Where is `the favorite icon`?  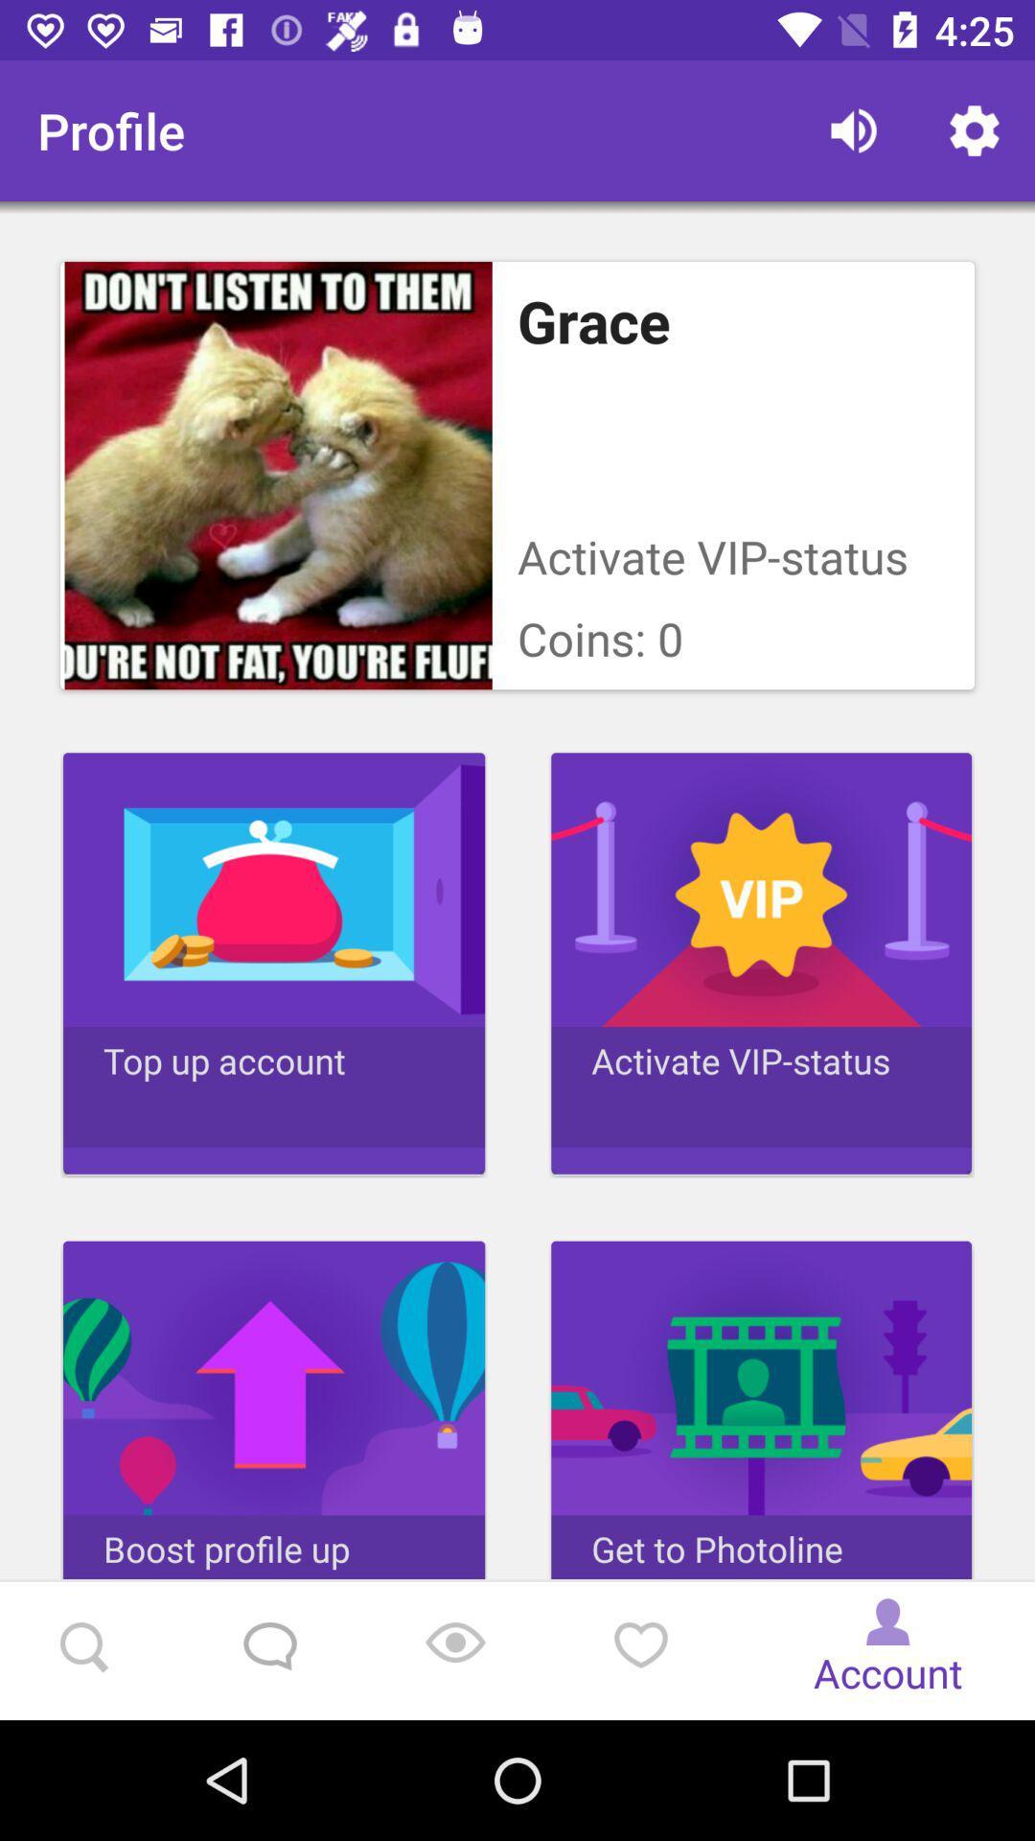
the favorite icon is located at coordinates (640, 1650).